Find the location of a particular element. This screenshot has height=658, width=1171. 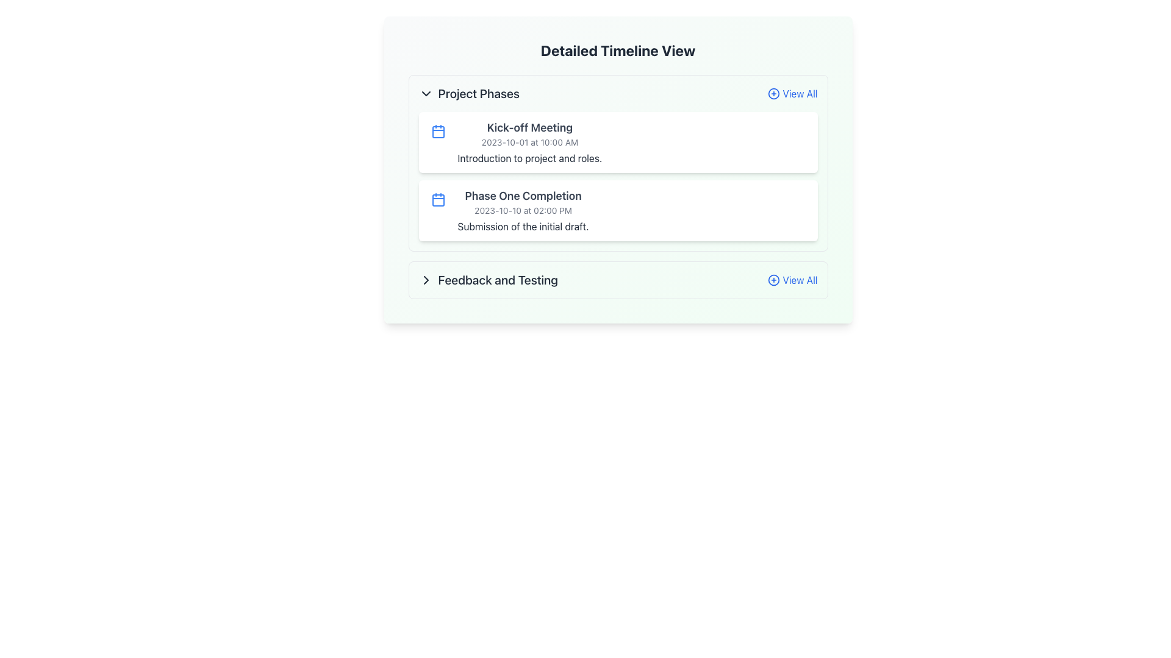

the downward arrow icon located to the left of the 'Project Phases' text in the header to initiate the tooltip display is located at coordinates (426, 93).